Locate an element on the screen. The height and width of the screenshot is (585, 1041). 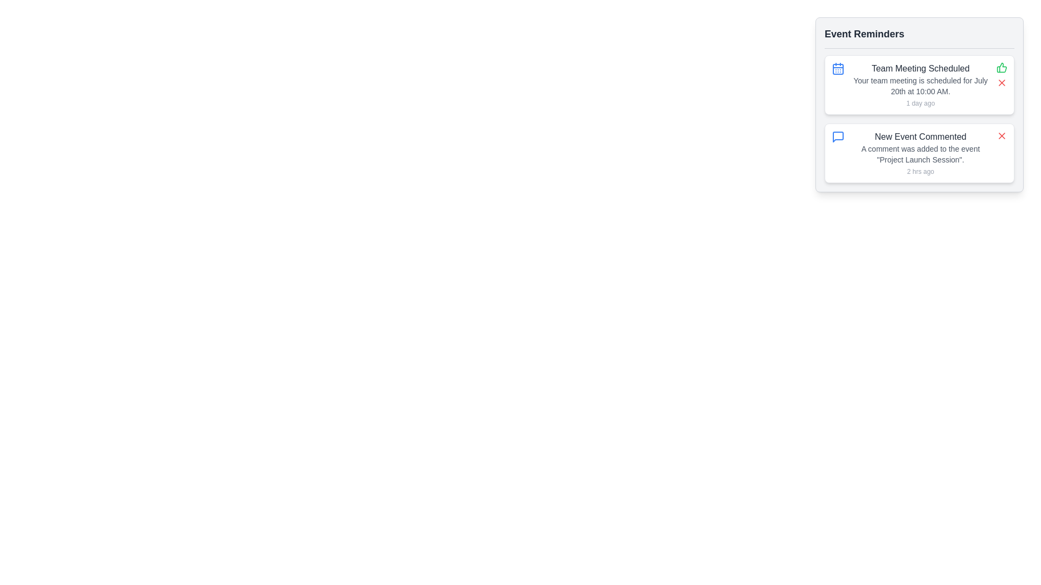
the text display element that shows a notification message for a scheduled team meeting with the date July 20th at 10:00 AM, located under the title 'Team Meeting Scheduled.' is located at coordinates (920, 85).